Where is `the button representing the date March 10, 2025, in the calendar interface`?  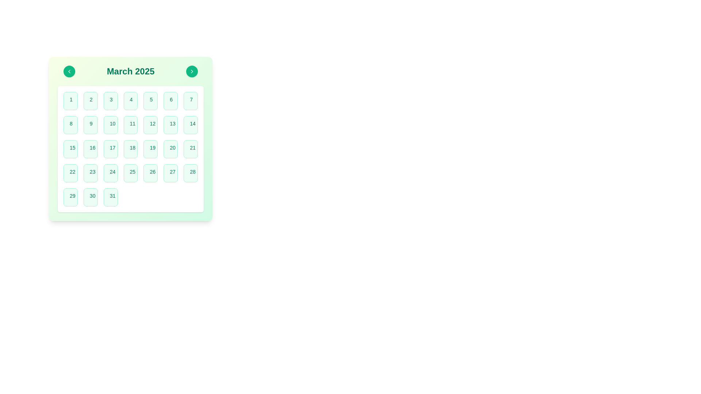 the button representing the date March 10, 2025, in the calendar interface is located at coordinates (110, 125).